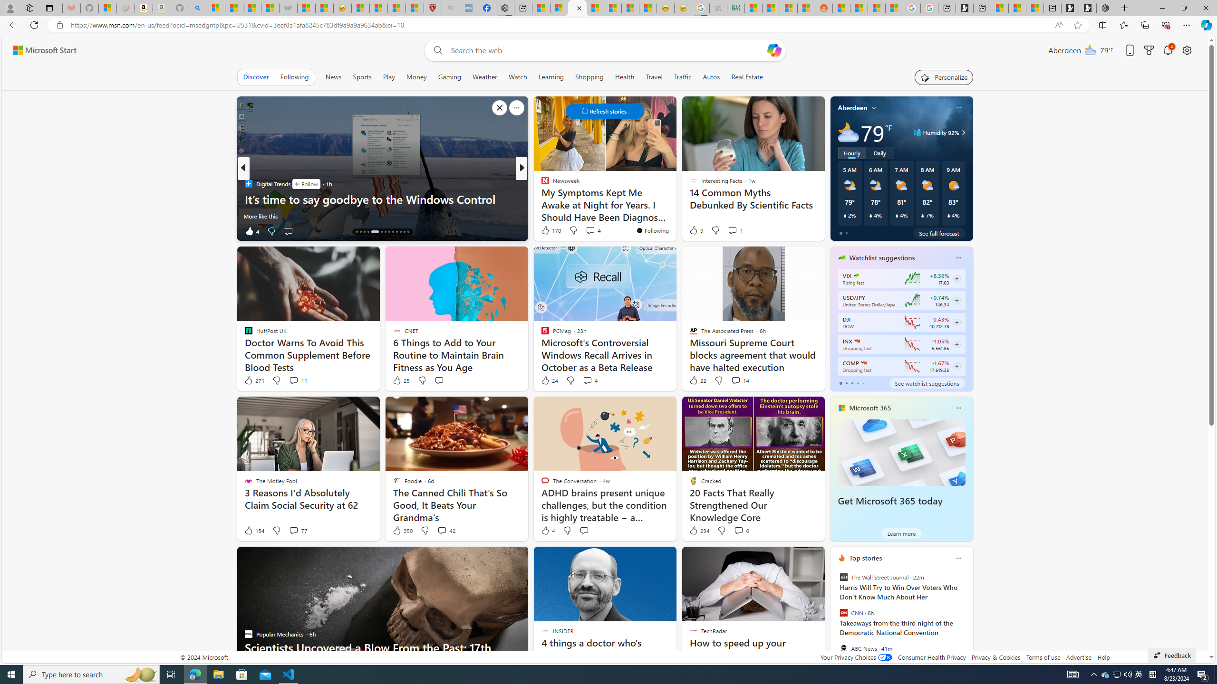 The width and height of the screenshot is (1217, 684). What do you see at coordinates (549, 380) in the screenshot?
I see `'24 Like'` at bounding box center [549, 380].